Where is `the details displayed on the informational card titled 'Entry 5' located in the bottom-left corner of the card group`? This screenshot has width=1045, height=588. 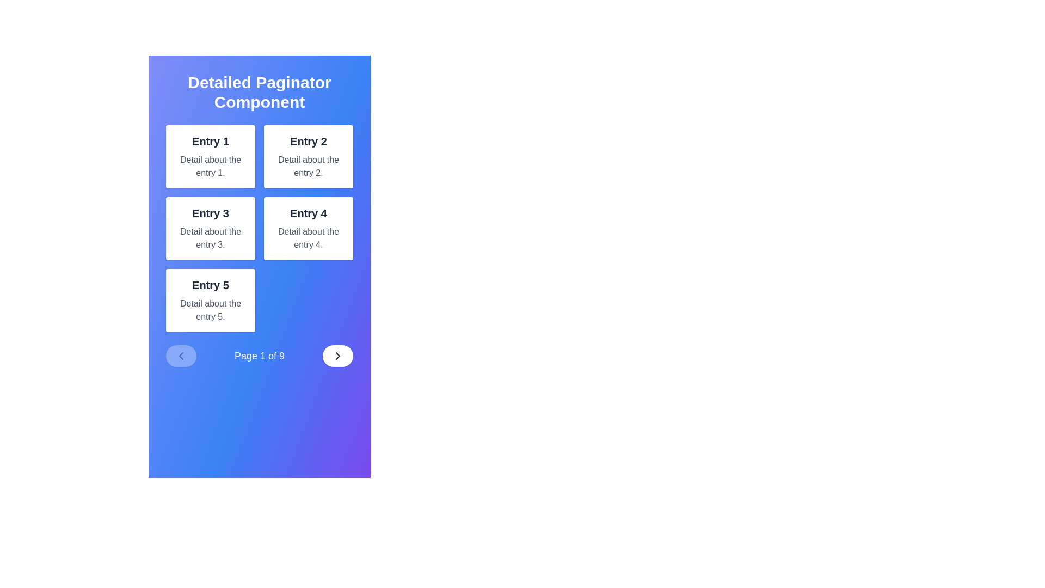 the details displayed on the informational card titled 'Entry 5' located in the bottom-left corner of the card group is located at coordinates (211, 300).